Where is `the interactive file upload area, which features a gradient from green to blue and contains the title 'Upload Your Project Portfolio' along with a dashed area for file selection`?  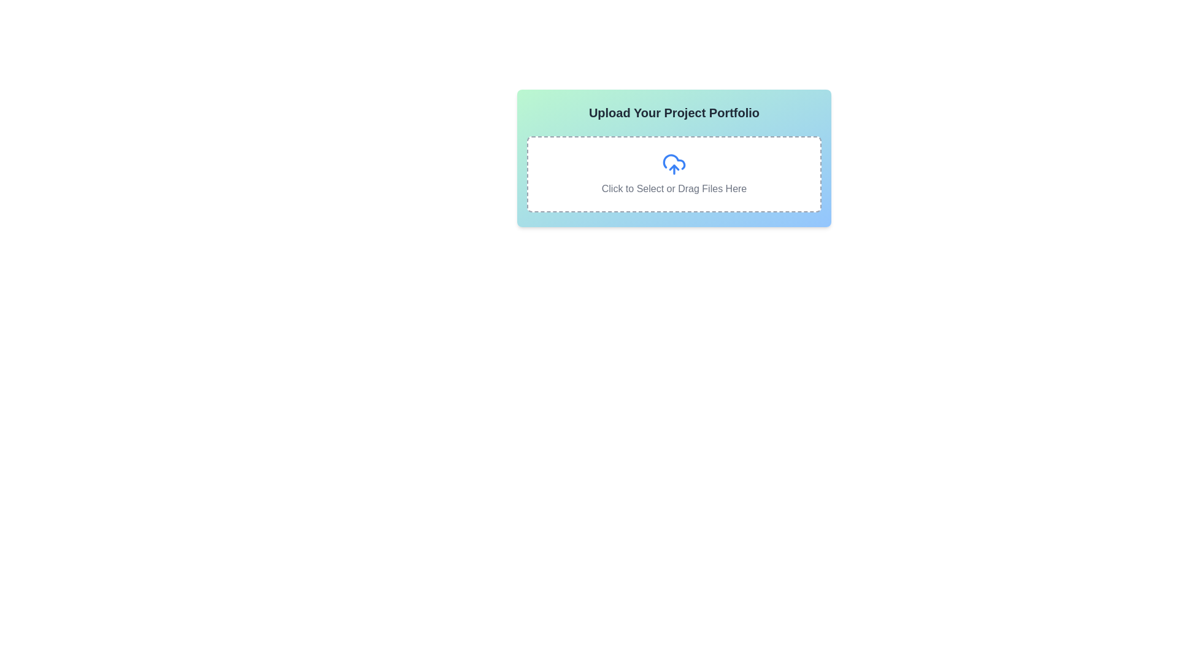
the interactive file upload area, which features a gradient from green to blue and contains the title 'Upload Your Project Portfolio' along with a dashed area for file selection is located at coordinates (674, 158).